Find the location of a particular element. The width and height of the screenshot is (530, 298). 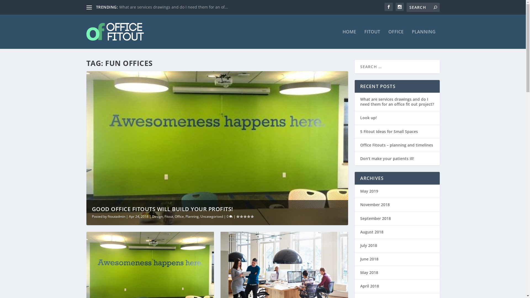

'August 2018' is located at coordinates (371, 232).